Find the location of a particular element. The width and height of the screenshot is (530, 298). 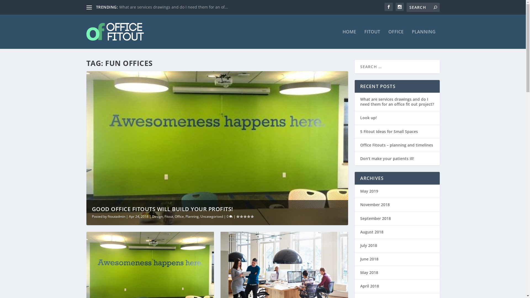

'August 2018' is located at coordinates (371, 232).